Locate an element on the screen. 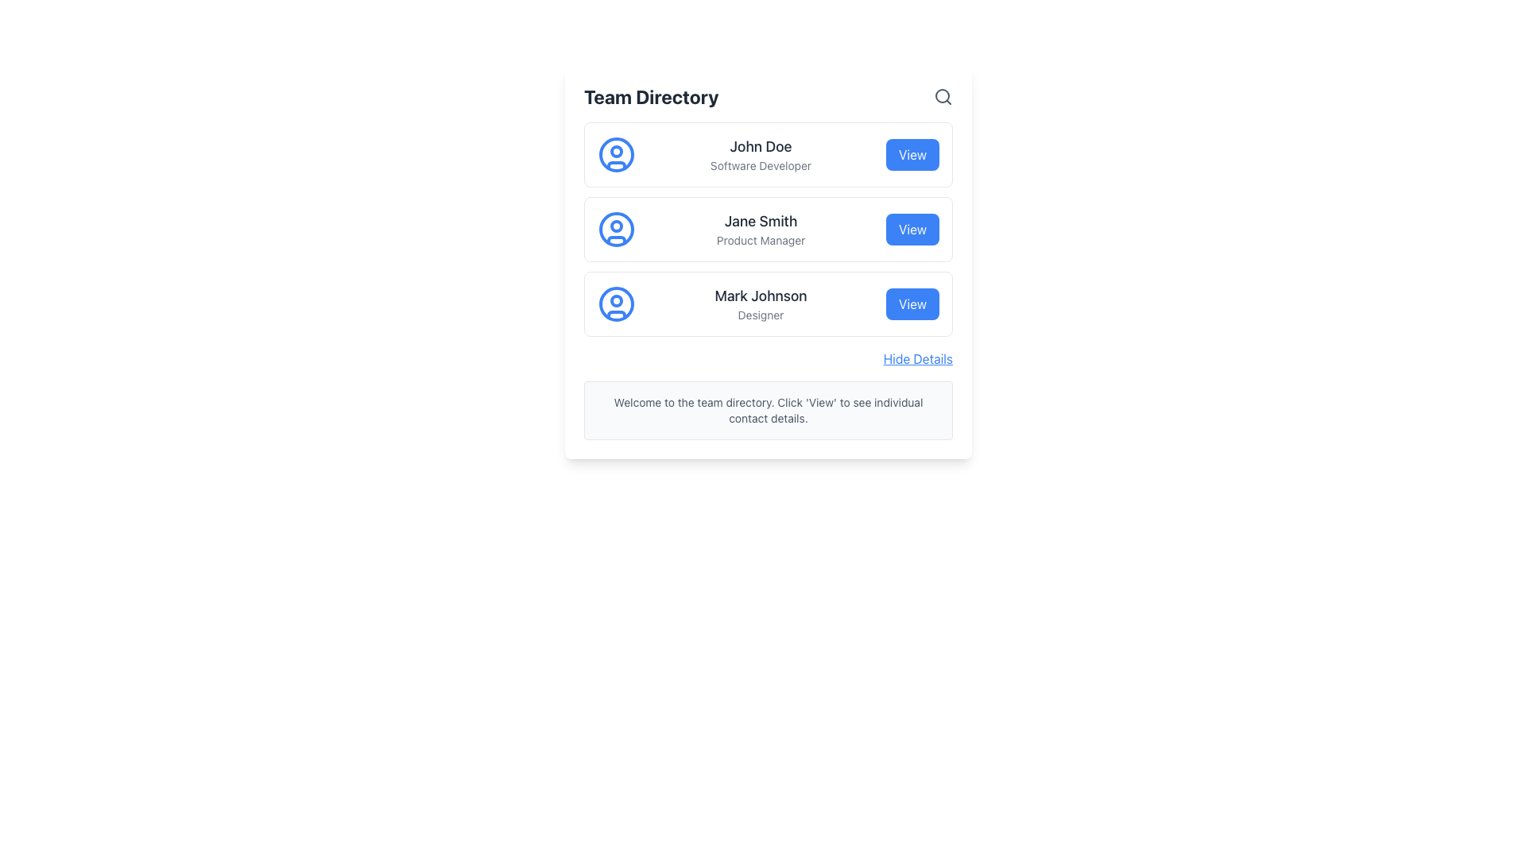 The width and height of the screenshot is (1526, 858). the clickable text link that reads 'Hide Details', which is styled in blue with an underline is located at coordinates (918, 358).